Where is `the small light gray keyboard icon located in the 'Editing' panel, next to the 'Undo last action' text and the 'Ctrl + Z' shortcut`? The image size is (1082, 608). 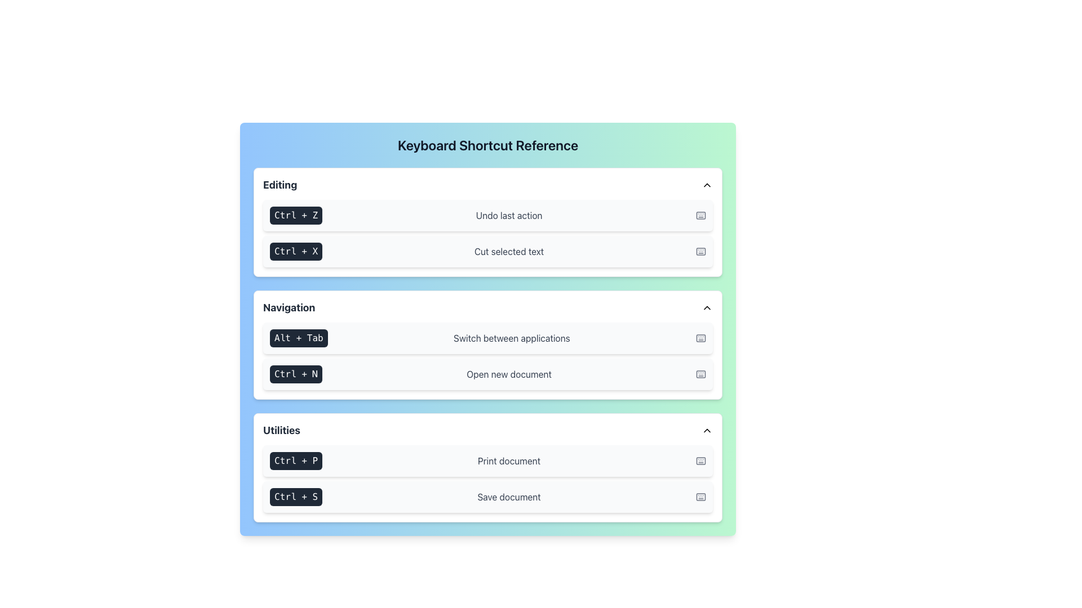 the small light gray keyboard icon located in the 'Editing' panel, next to the 'Undo last action' text and the 'Ctrl + Z' shortcut is located at coordinates (700, 215).